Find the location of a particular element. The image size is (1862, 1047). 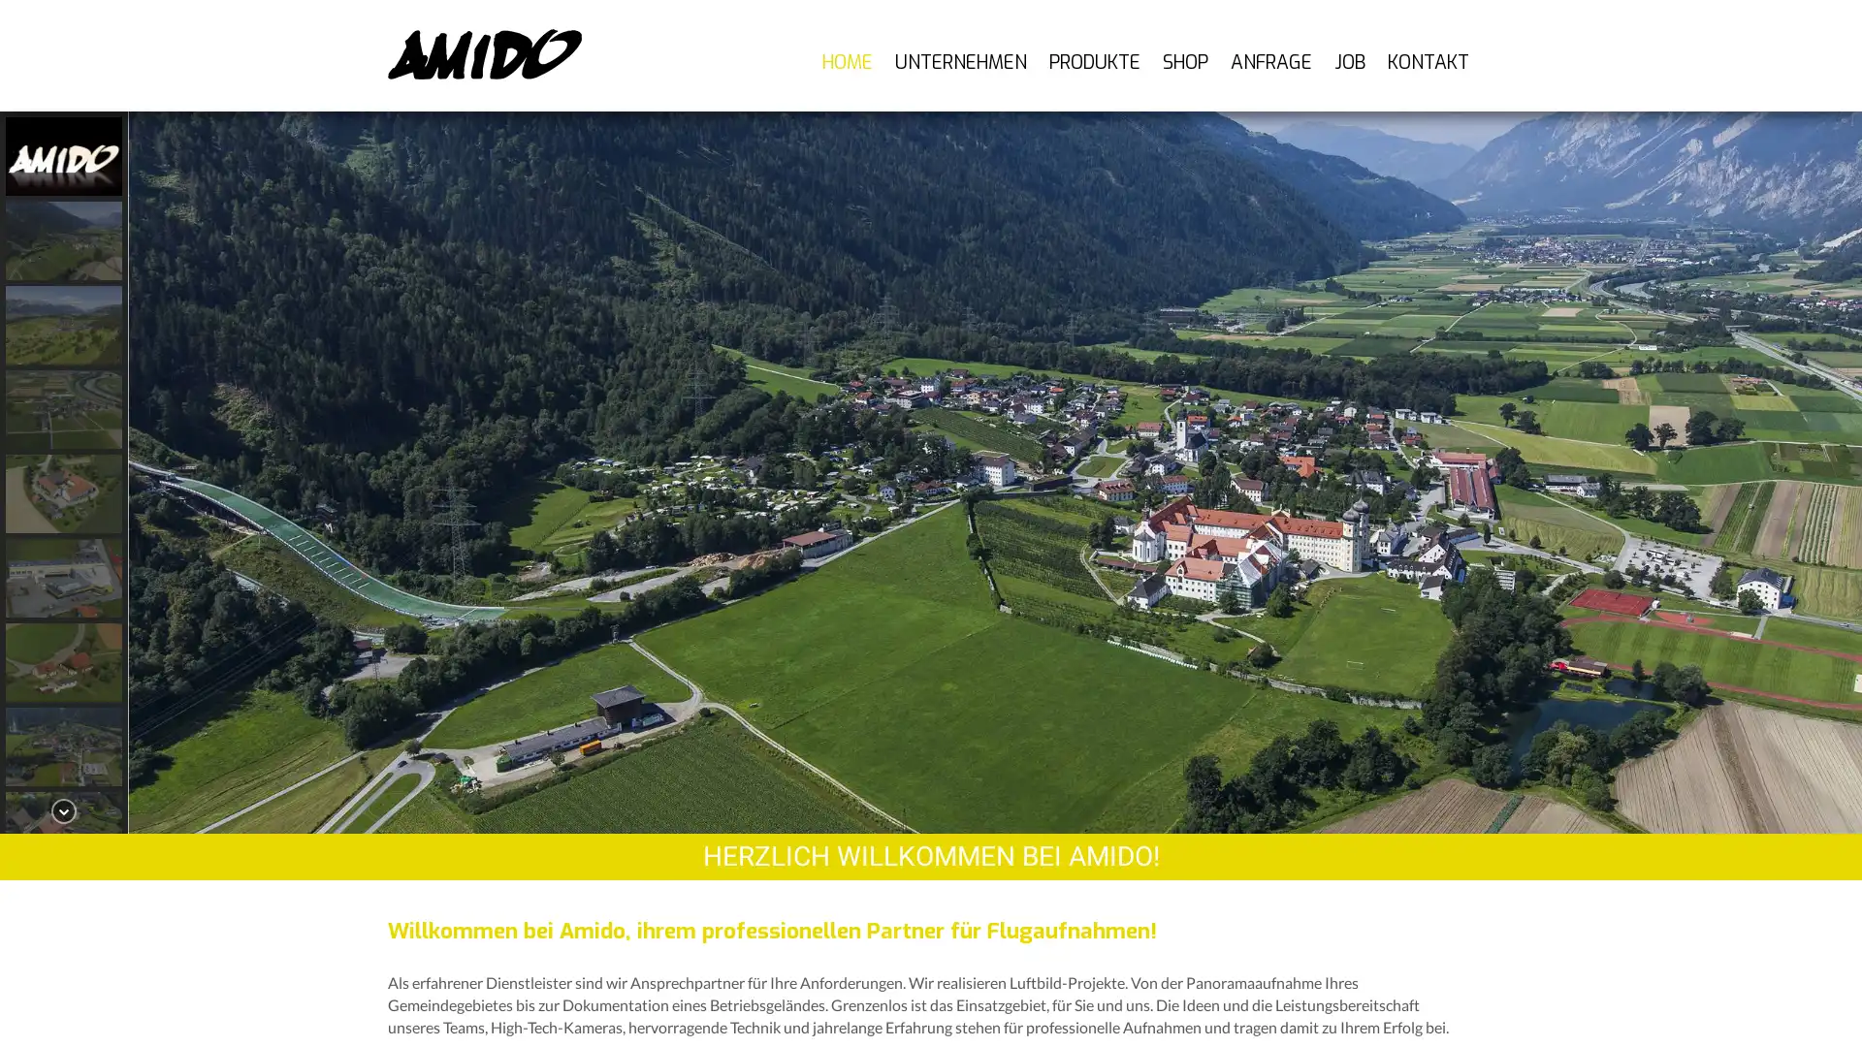

Thumbnail 5 - copy - copy - copy is located at coordinates (64, 830).